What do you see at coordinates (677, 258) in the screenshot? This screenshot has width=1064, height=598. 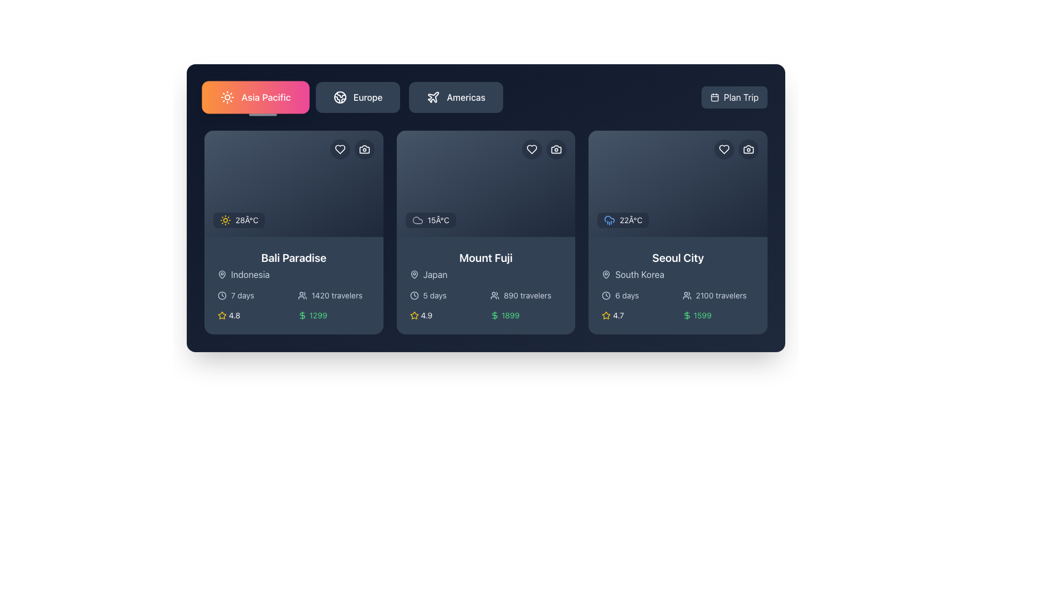 I see `the text element displaying 'Seoul City' in a bold, large font on a darker background` at bounding box center [677, 258].